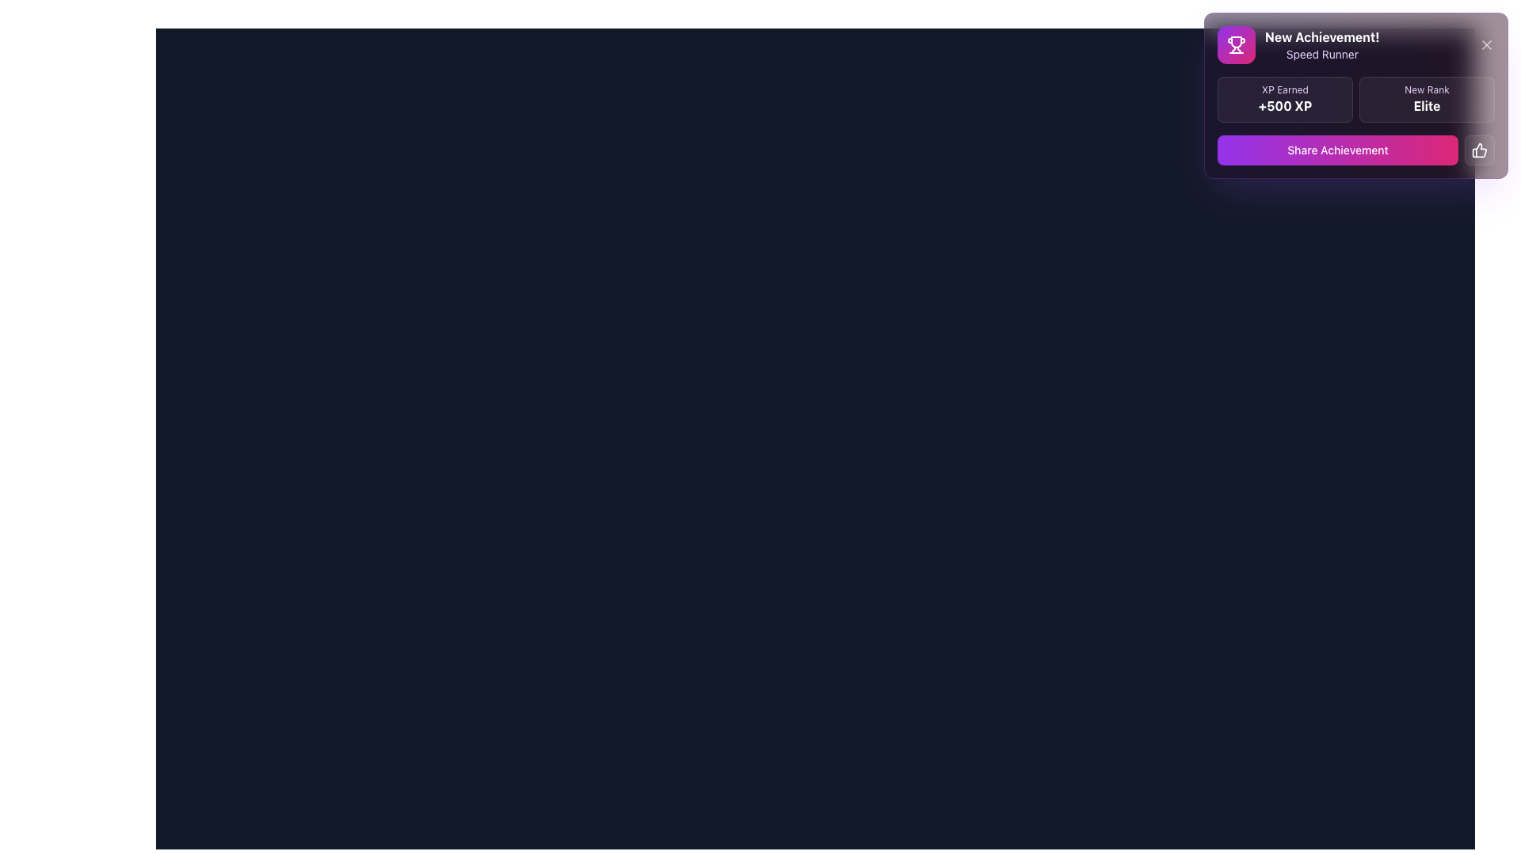 Image resolution: width=1521 pixels, height=855 pixels. Describe the element at coordinates (1322, 54) in the screenshot. I see `the 'Speed Runner' text label, which is styled in a small font size with a purple tint and located in the upper-right corner of the notification panel, directly below 'New Achievement!'` at that location.